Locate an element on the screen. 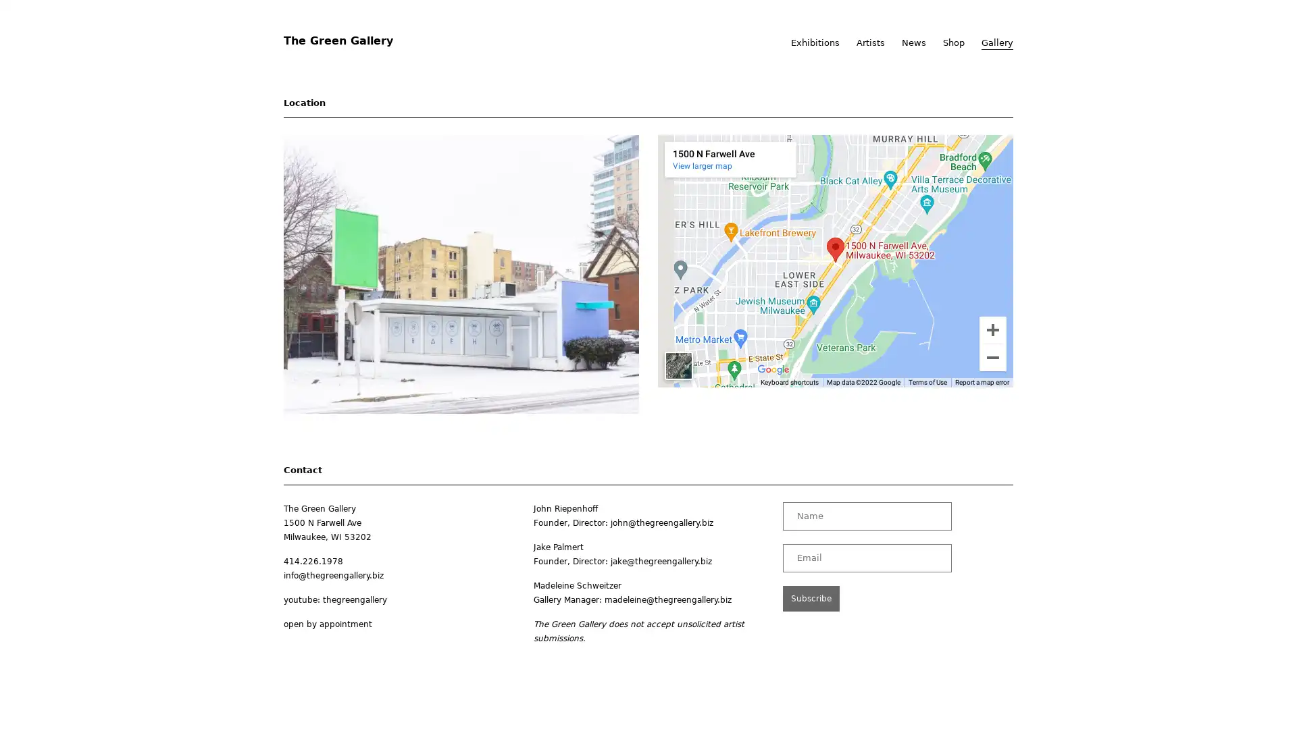 The image size is (1297, 729). Subscribe is located at coordinates (811, 597).